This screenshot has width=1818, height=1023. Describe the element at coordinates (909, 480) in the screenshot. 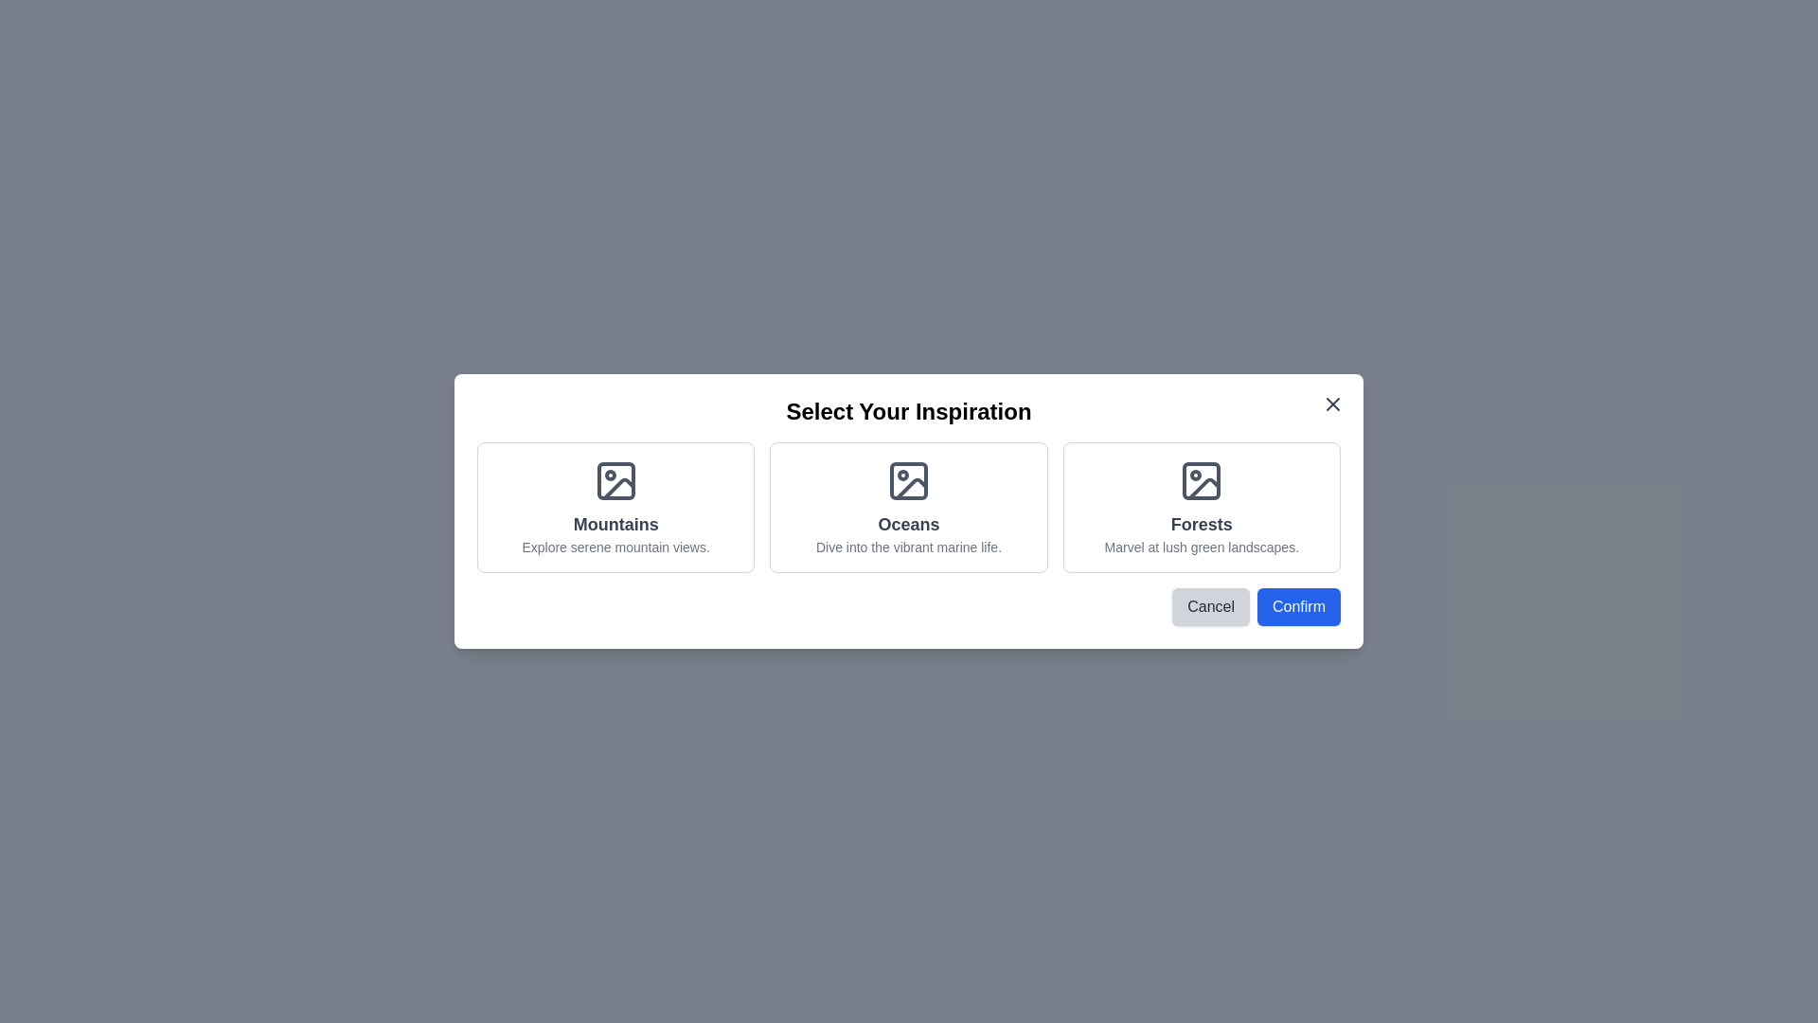

I see `the icon representing the 'Oceans' category, which is centered within the 'Oceans' card in a dialog box` at that location.